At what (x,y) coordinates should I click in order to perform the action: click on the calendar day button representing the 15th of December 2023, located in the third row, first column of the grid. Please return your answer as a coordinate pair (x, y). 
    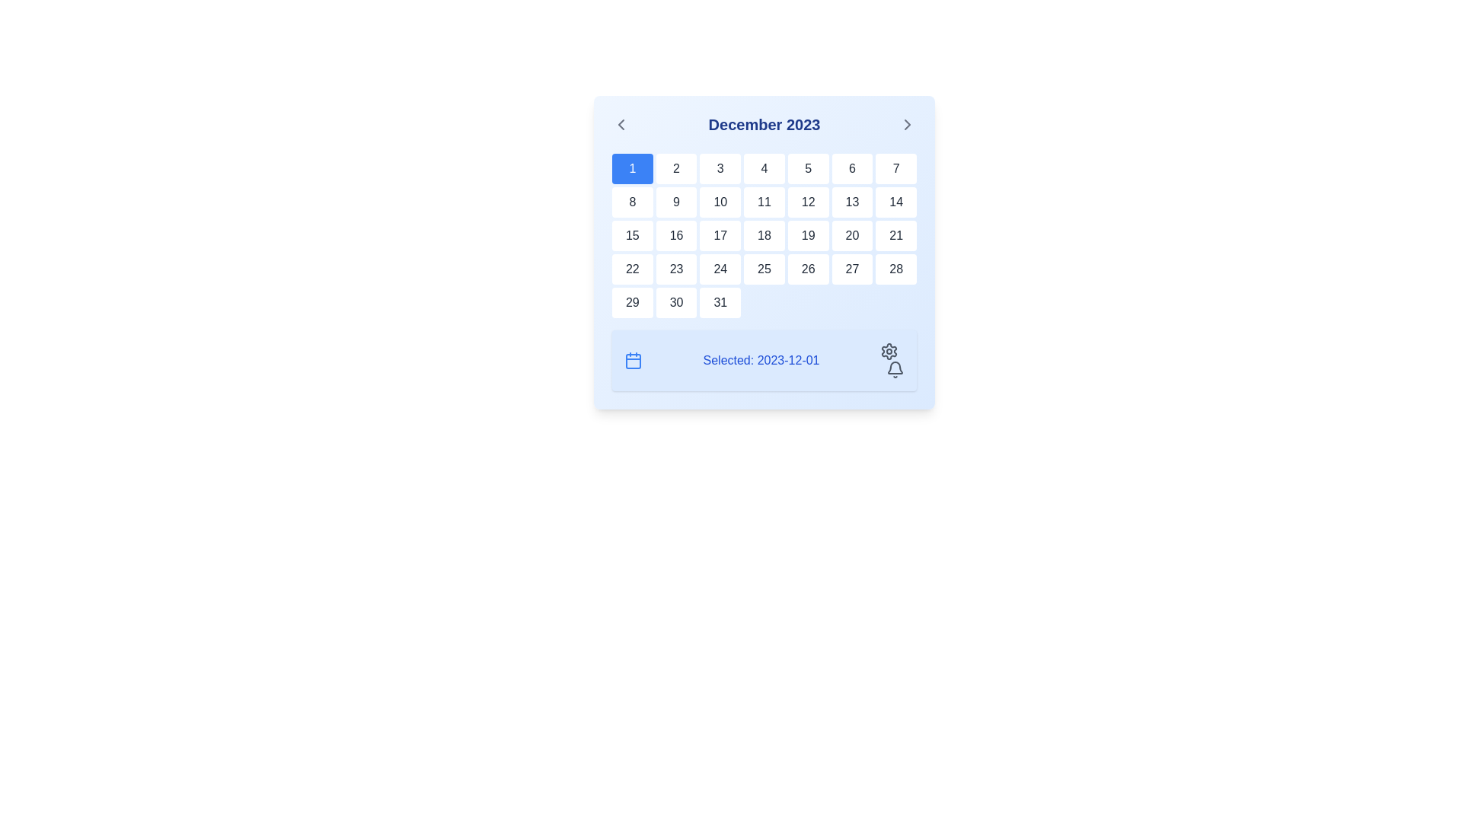
    Looking at the image, I should click on (632, 235).